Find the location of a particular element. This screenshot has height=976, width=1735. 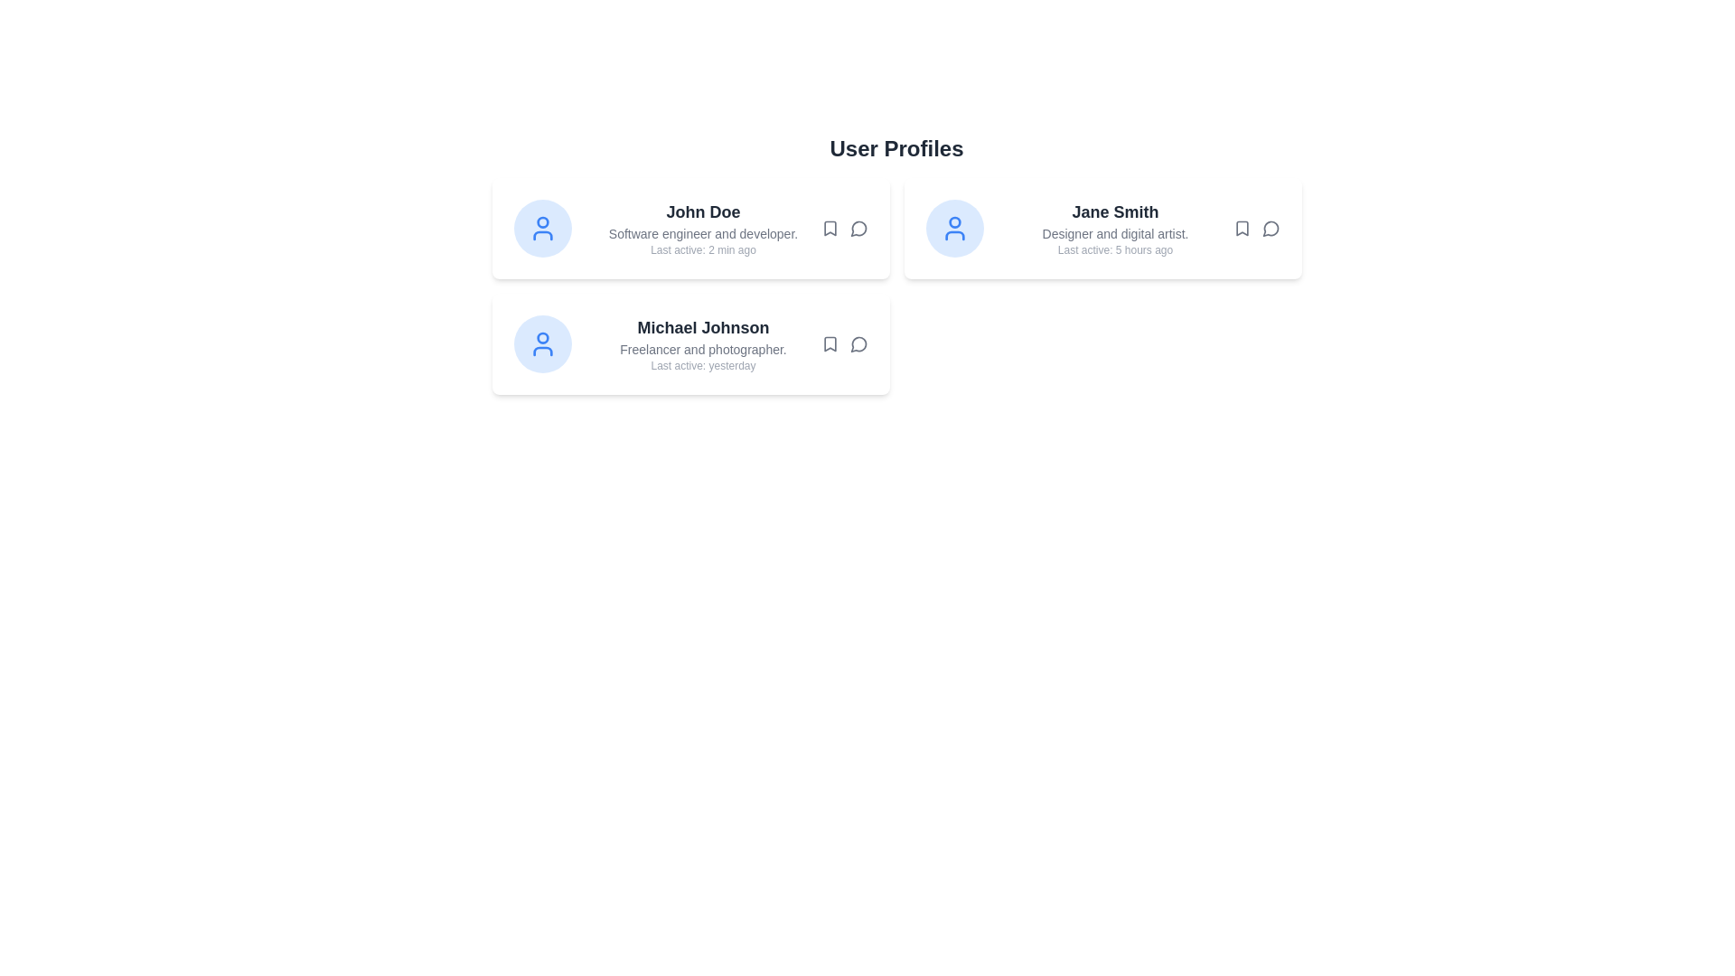

the Decorative icon located in the upper-left corner of the profile card for 'John Doe', which serves as a visual representation of the user profile is located at coordinates (541, 228).